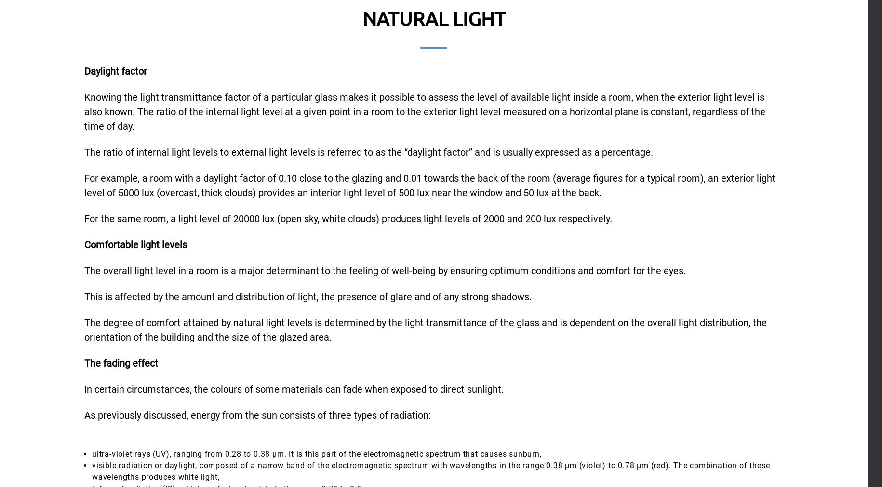 The width and height of the screenshot is (882, 487). Describe the element at coordinates (429, 184) in the screenshot. I see `'For example, a room with a daylight factor of 0.10 close to the glazing and 0.01 towards the back of the room (average figures for a typical room), an exterior light level of 5000 lux (overcast, thick clouds) provides an interior light level of 500 lux near the window and 50 lux at the back.'` at that location.